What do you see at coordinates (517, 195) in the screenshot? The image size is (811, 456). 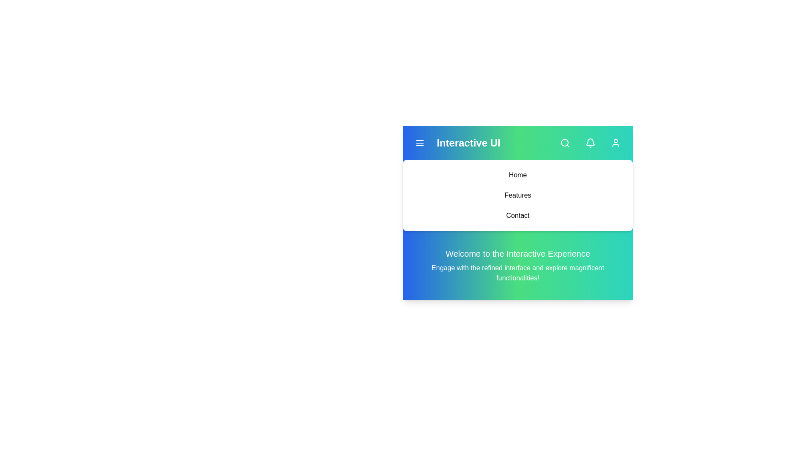 I see `the 'Features' link in the dropdown menu` at bounding box center [517, 195].